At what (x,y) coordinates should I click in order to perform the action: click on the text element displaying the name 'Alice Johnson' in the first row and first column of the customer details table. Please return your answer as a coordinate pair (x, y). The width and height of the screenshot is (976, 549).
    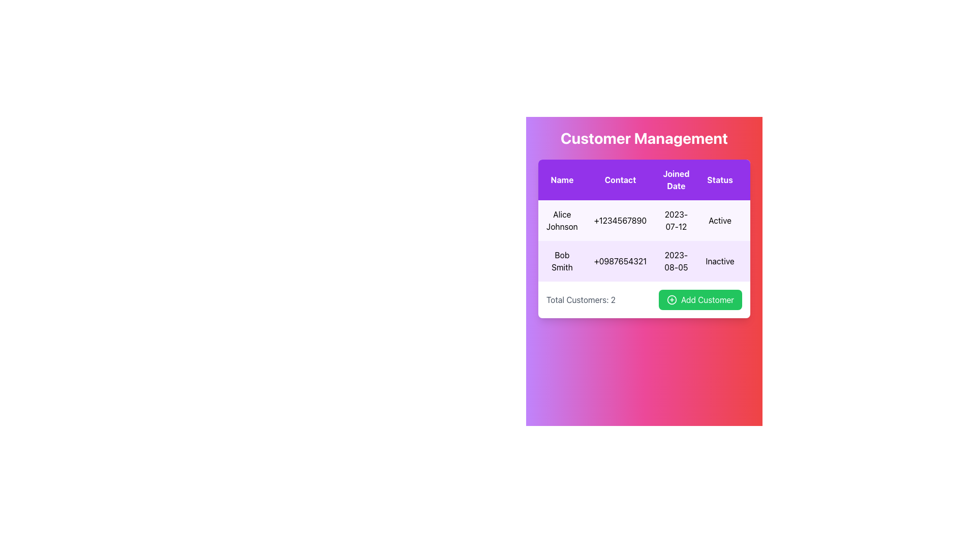
    Looking at the image, I should click on (561, 220).